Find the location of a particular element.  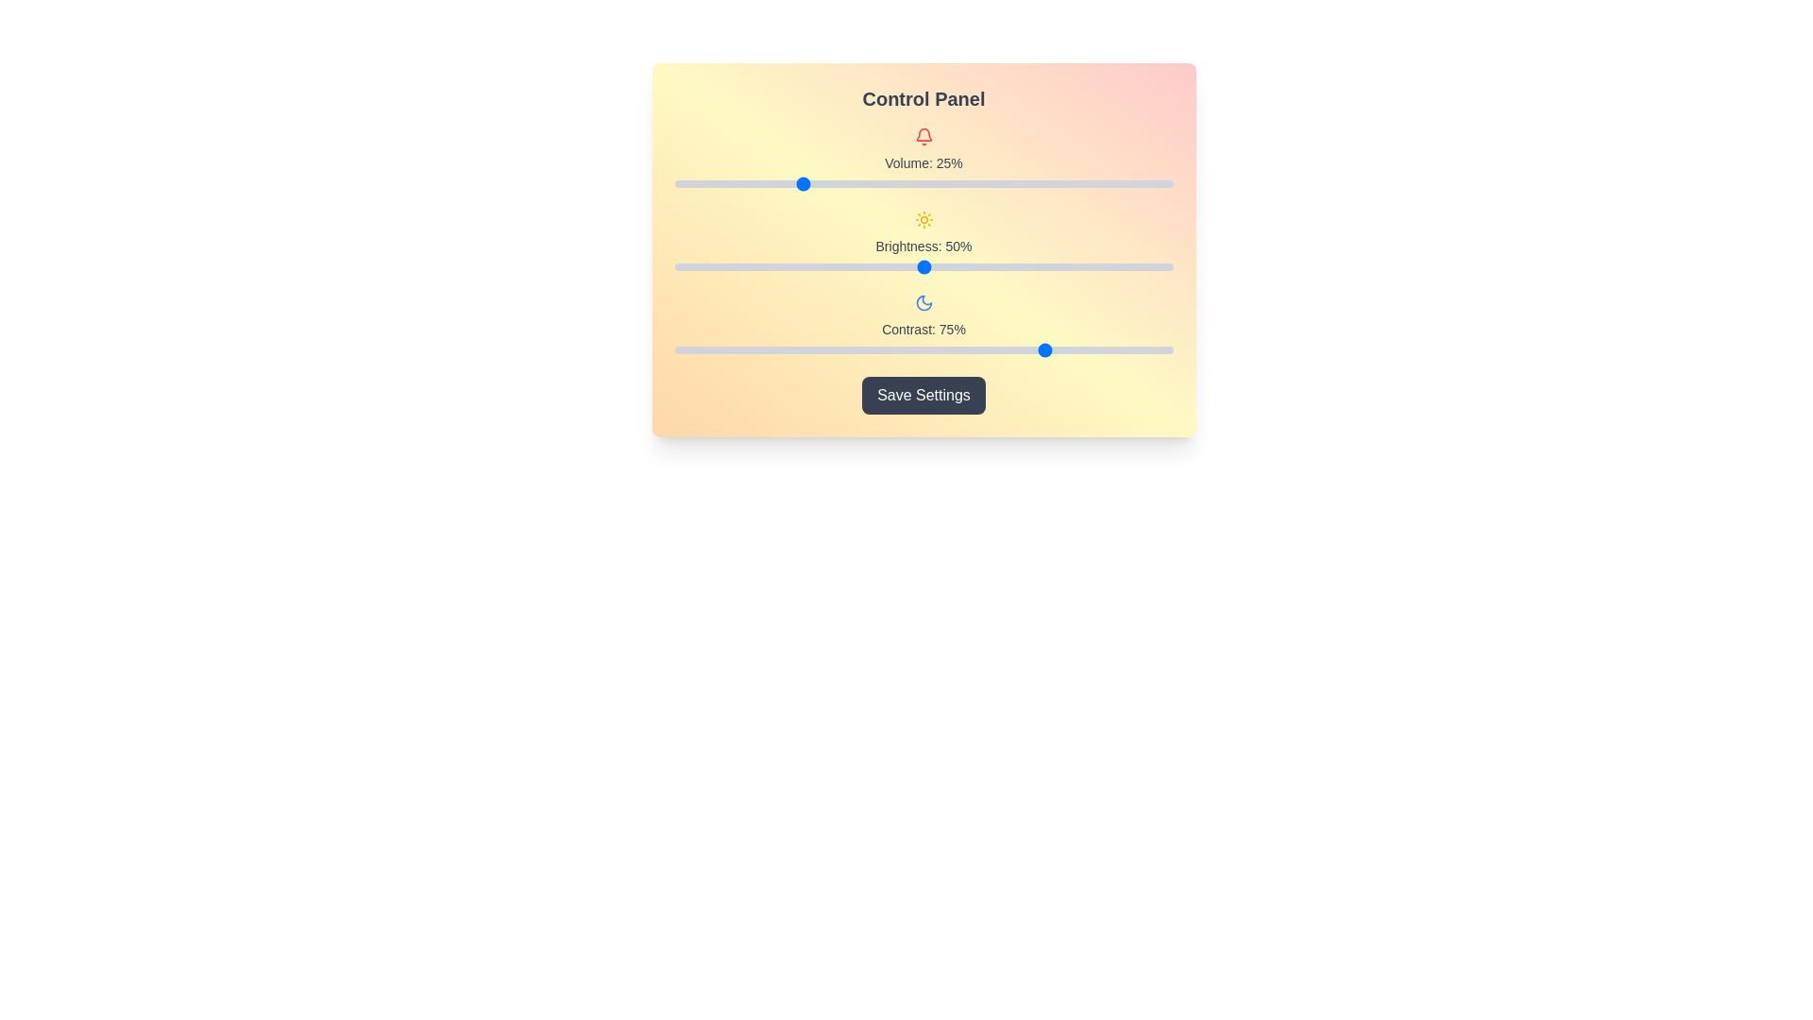

the 'Save Settings' button located in the 'Control Panel' section is located at coordinates (923, 395).